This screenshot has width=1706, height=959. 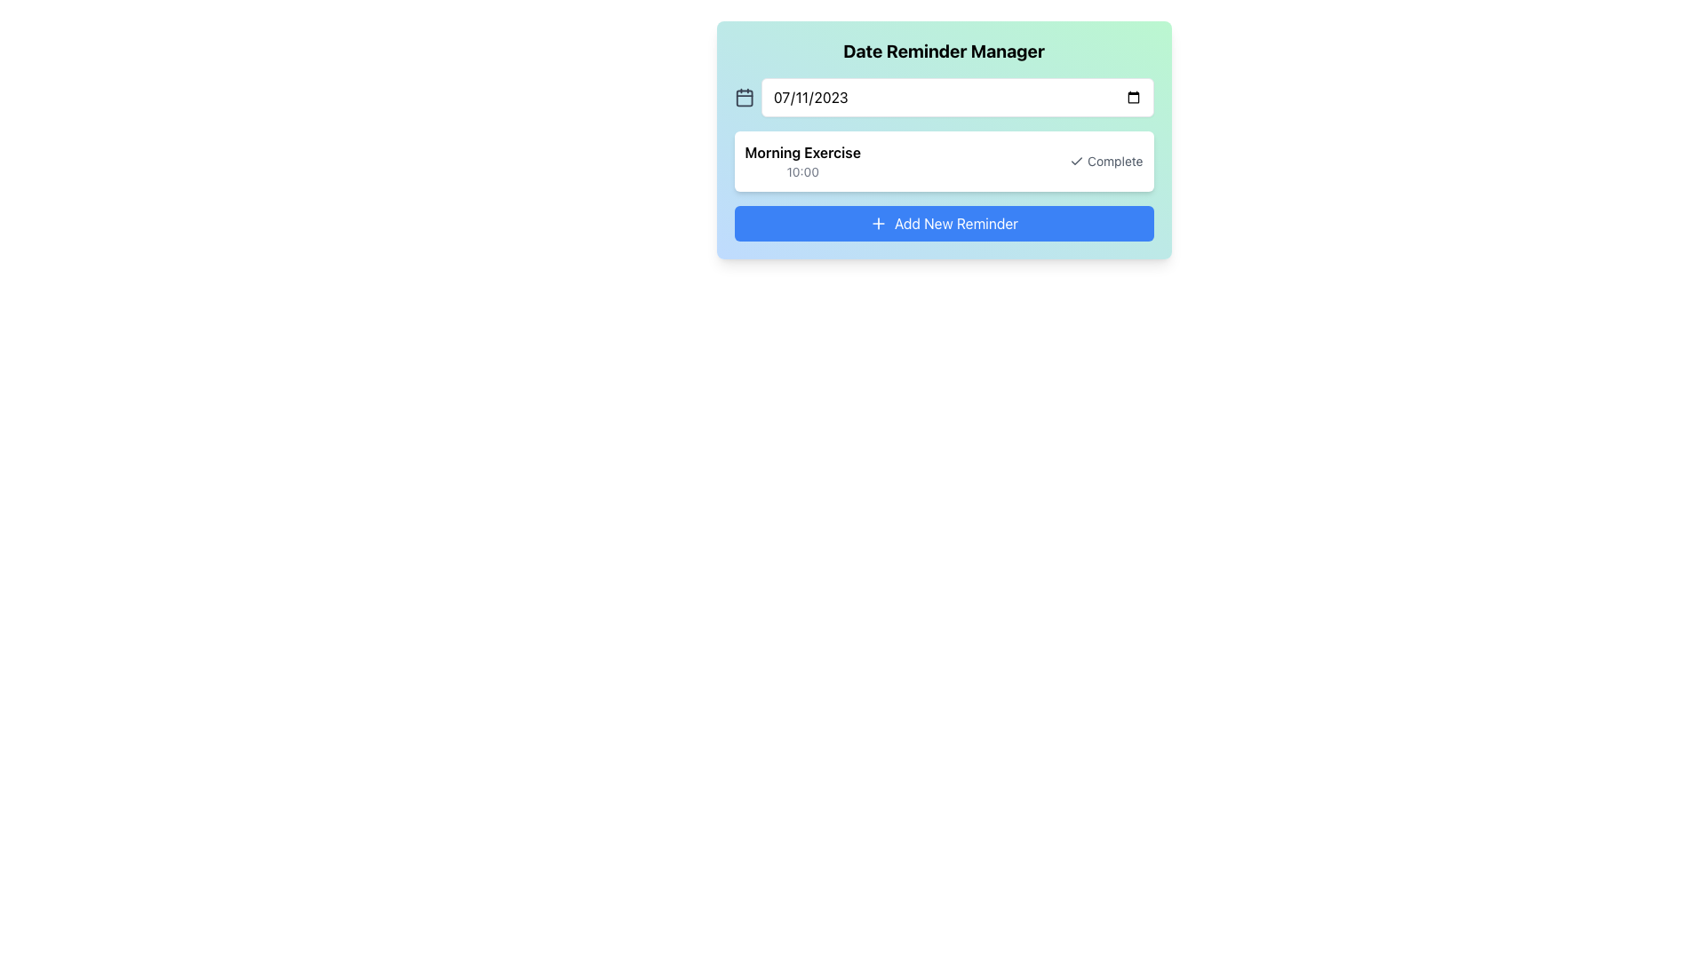 What do you see at coordinates (1105, 161) in the screenshot?
I see `the button located to the right of the text 'Morning Exercise' and '10:00' to mark the task as complete` at bounding box center [1105, 161].